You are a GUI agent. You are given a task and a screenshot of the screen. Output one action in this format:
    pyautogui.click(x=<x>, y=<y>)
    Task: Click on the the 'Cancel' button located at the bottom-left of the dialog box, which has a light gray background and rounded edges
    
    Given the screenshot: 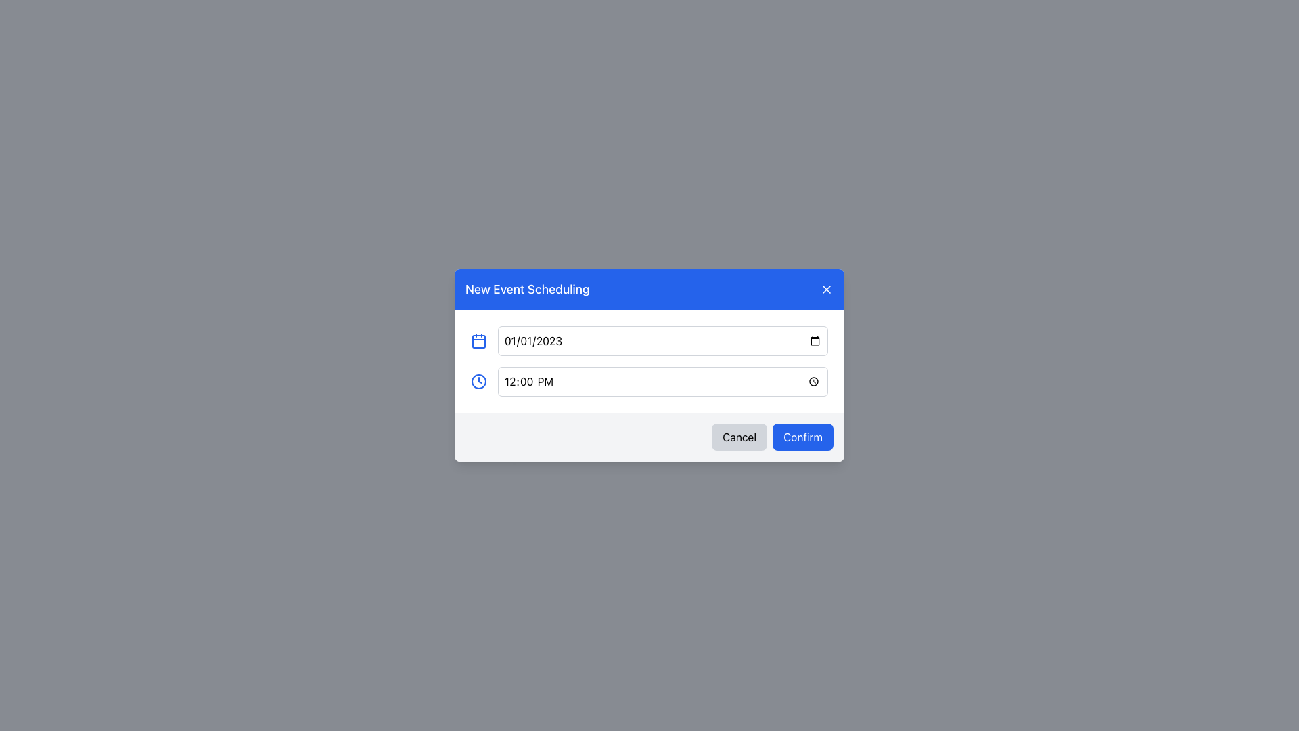 What is the action you would take?
    pyautogui.click(x=739, y=437)
    